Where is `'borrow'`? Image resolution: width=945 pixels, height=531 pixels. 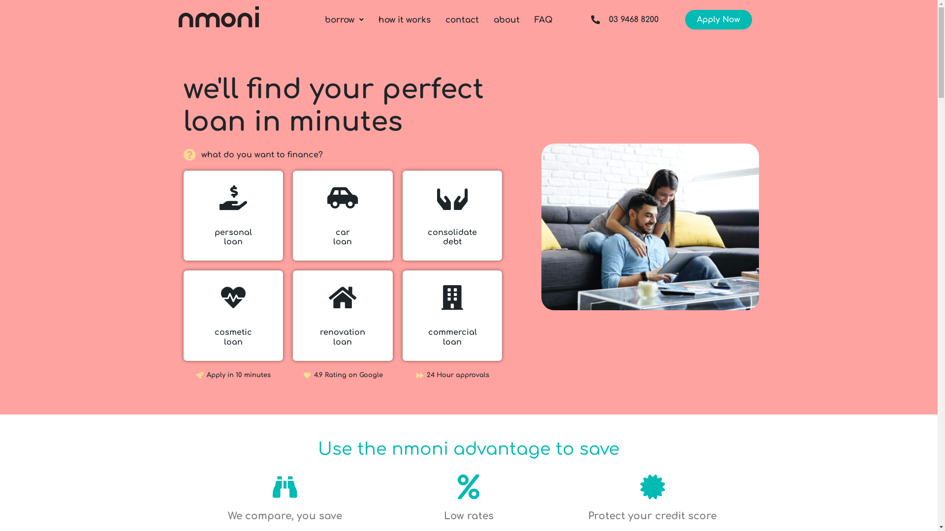
'borrow' is located at coordinates (344, 19).